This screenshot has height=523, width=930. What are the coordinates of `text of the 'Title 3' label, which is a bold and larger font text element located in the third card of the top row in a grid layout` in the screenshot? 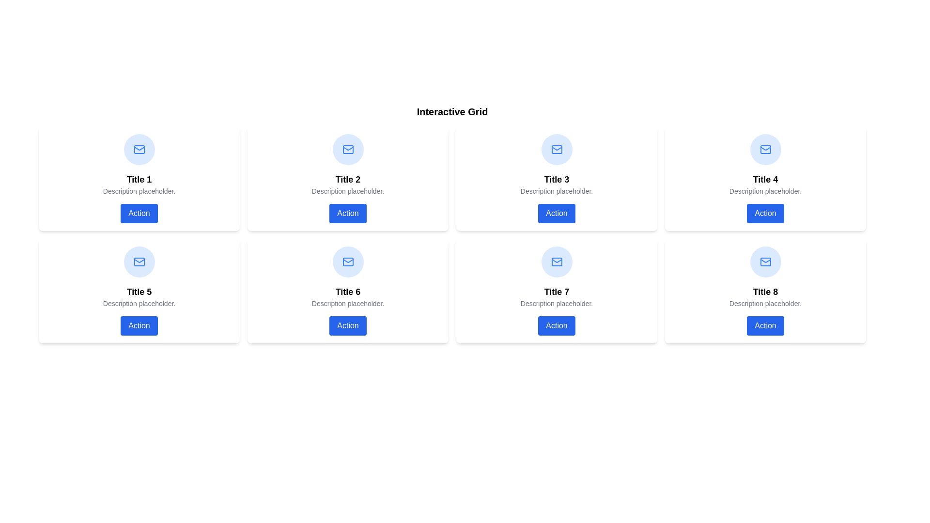 It's located at (557, 179).